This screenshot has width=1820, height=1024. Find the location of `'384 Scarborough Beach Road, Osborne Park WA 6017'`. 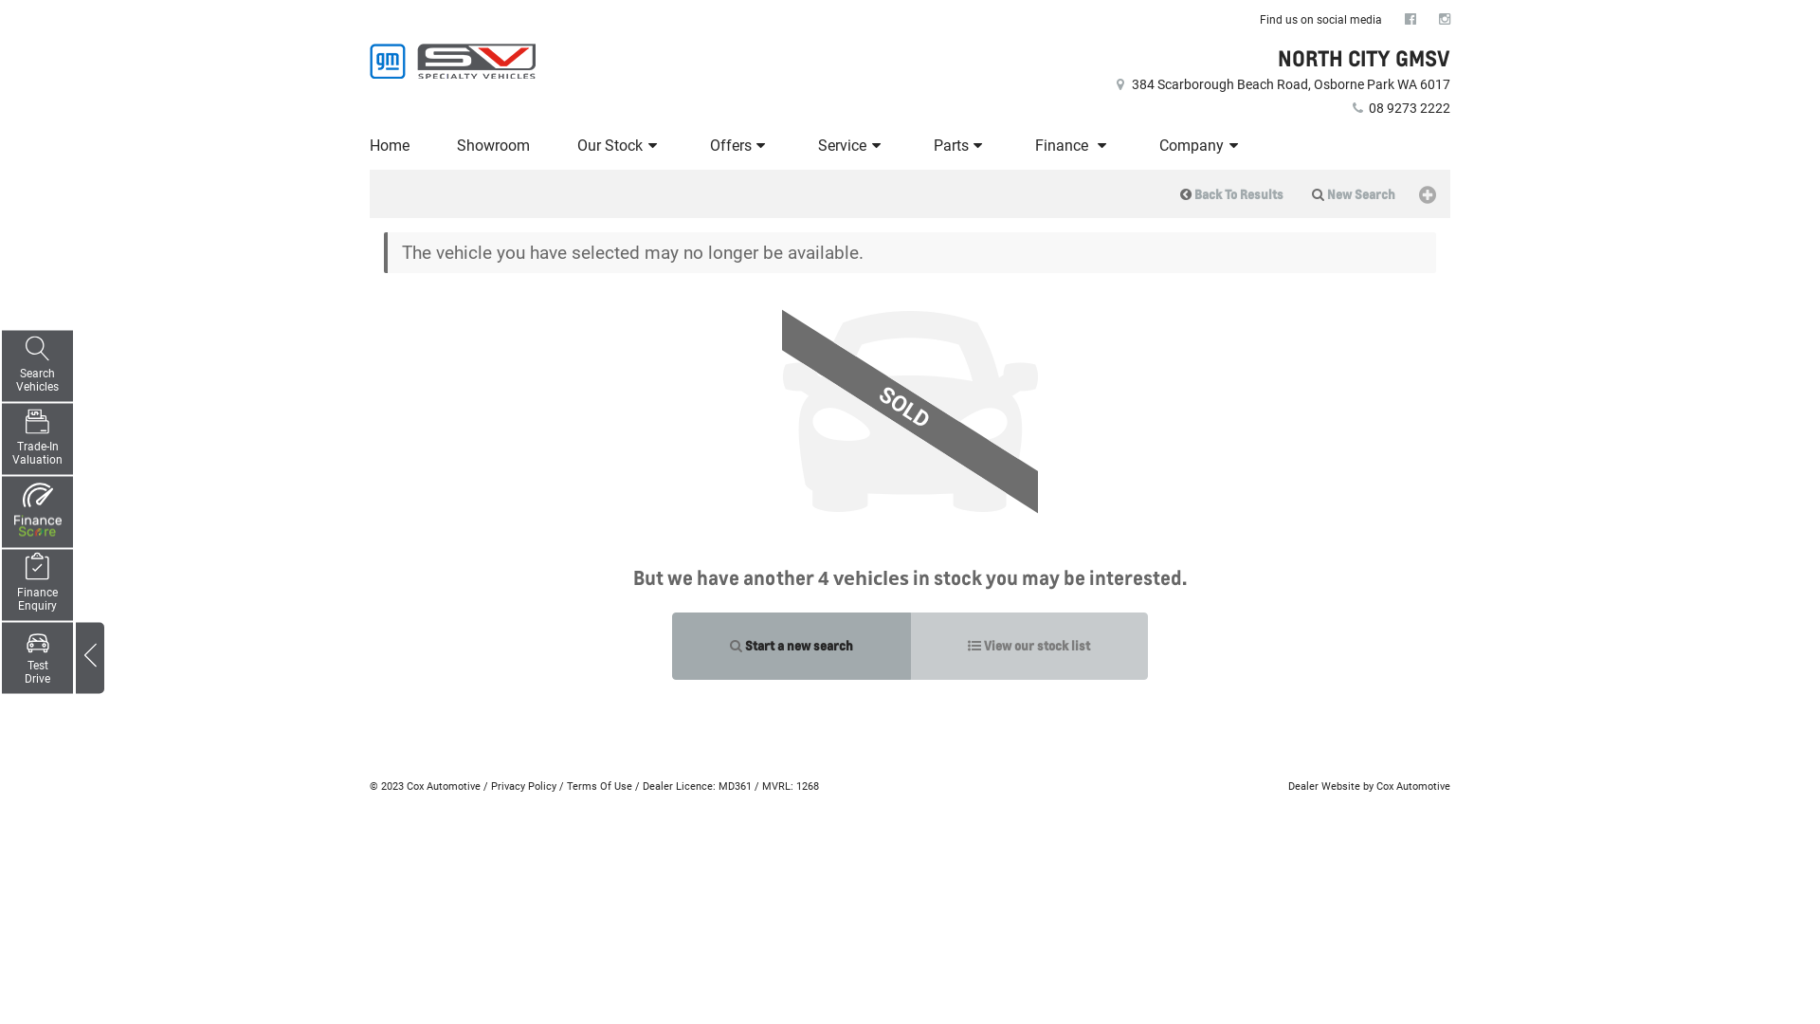

'384 Scarborough Beach Road, Osborne Park WA 6017' is located at coordinates (1281, 82).